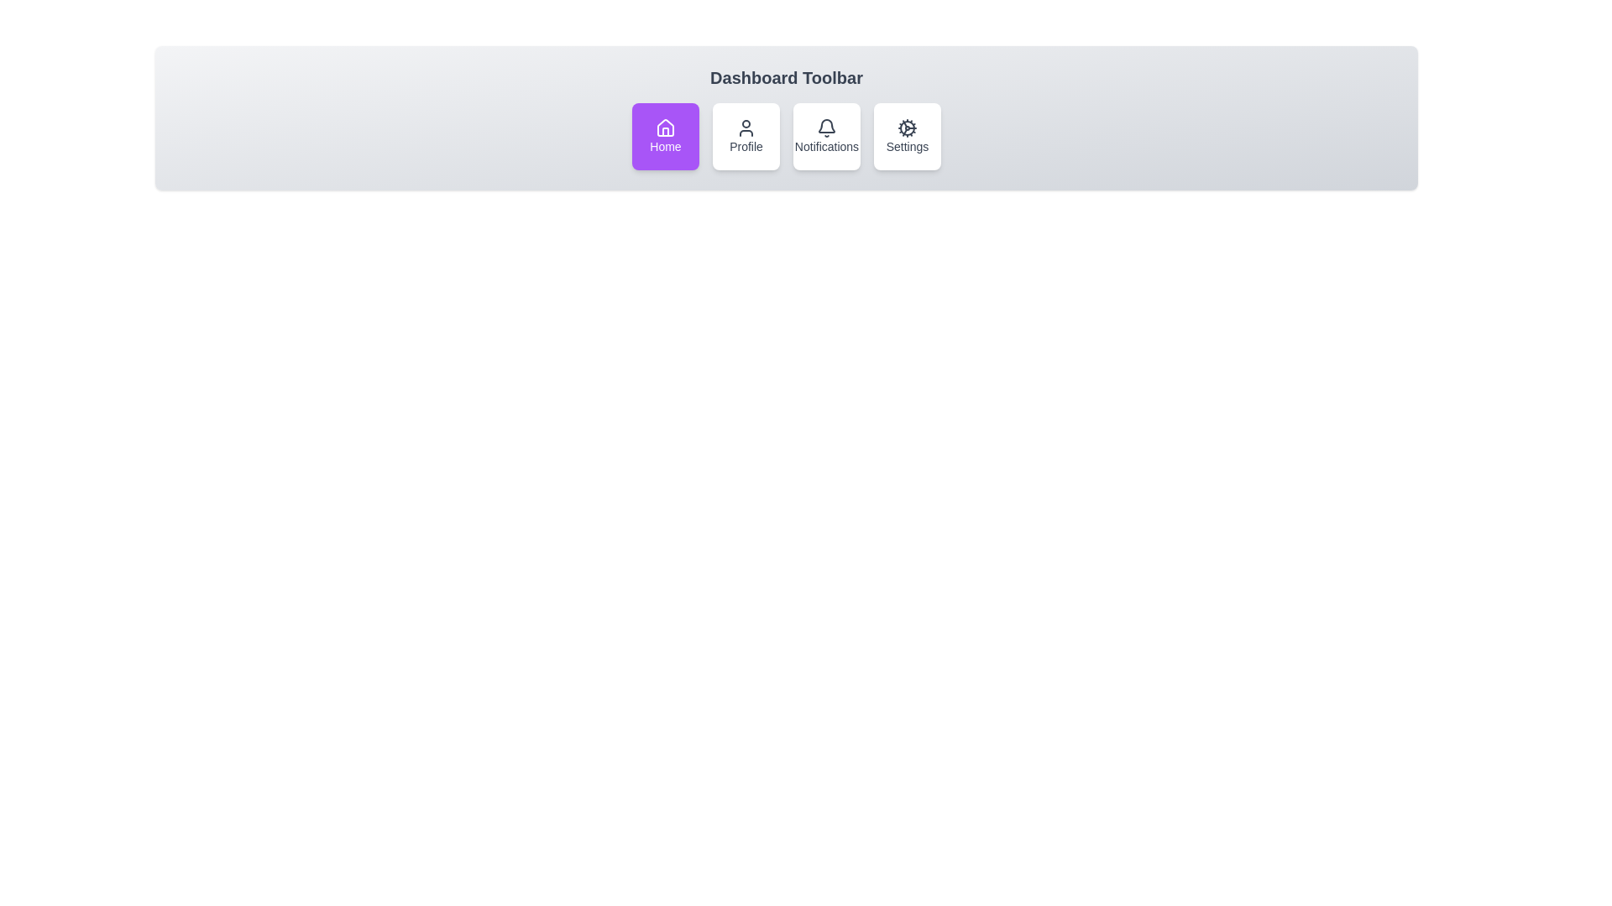 This screenshot has width=1612, height=906. Describe the element at coordinates (745, 135) in the screenshot. I see `the Profile toolbar item to activate it` at that location.